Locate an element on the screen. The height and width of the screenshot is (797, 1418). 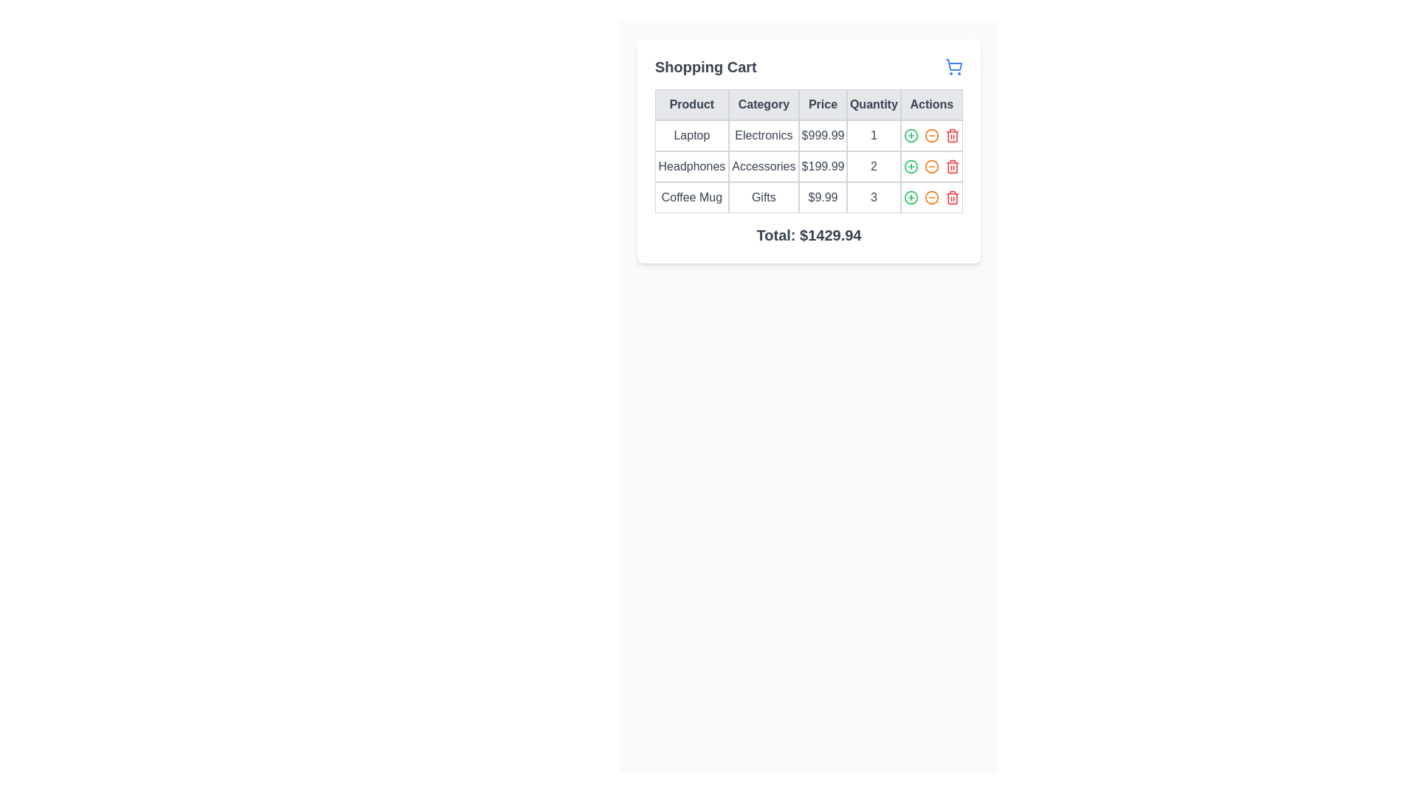
the total cost display element located at the bottom of the shopping cart interface, which shows the cumulative cost of products in the cart is located at coordinates (808, 235).